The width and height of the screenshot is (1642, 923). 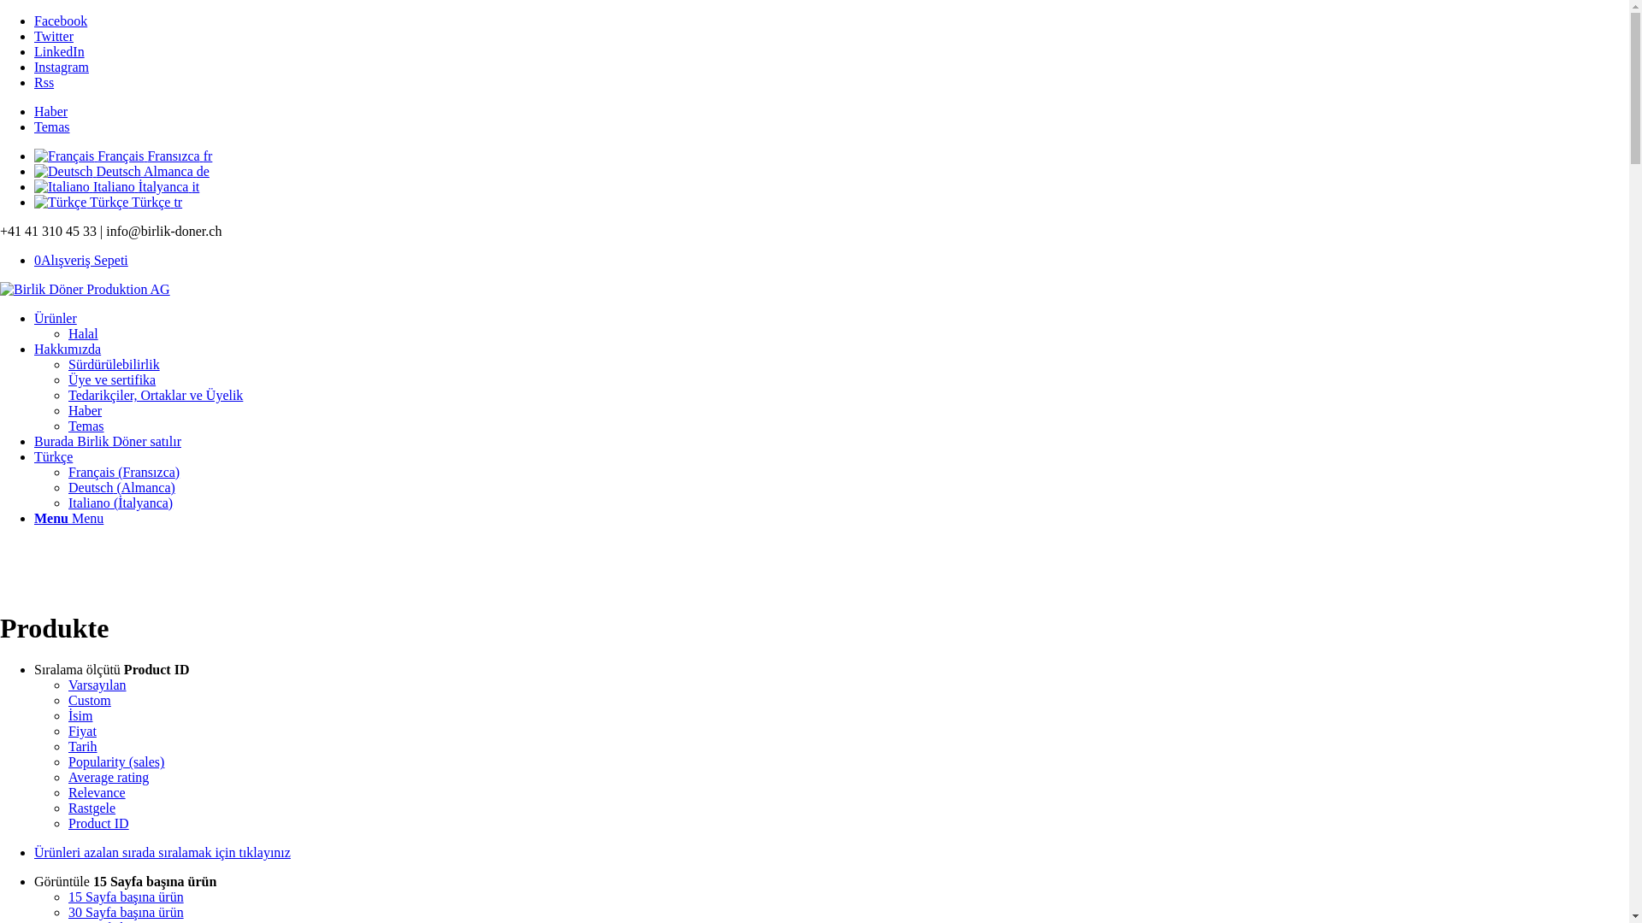 What do you see at coordinates (68, 410) in the screenshot?
I see `'Haber'` at bounding box center [68, 410].